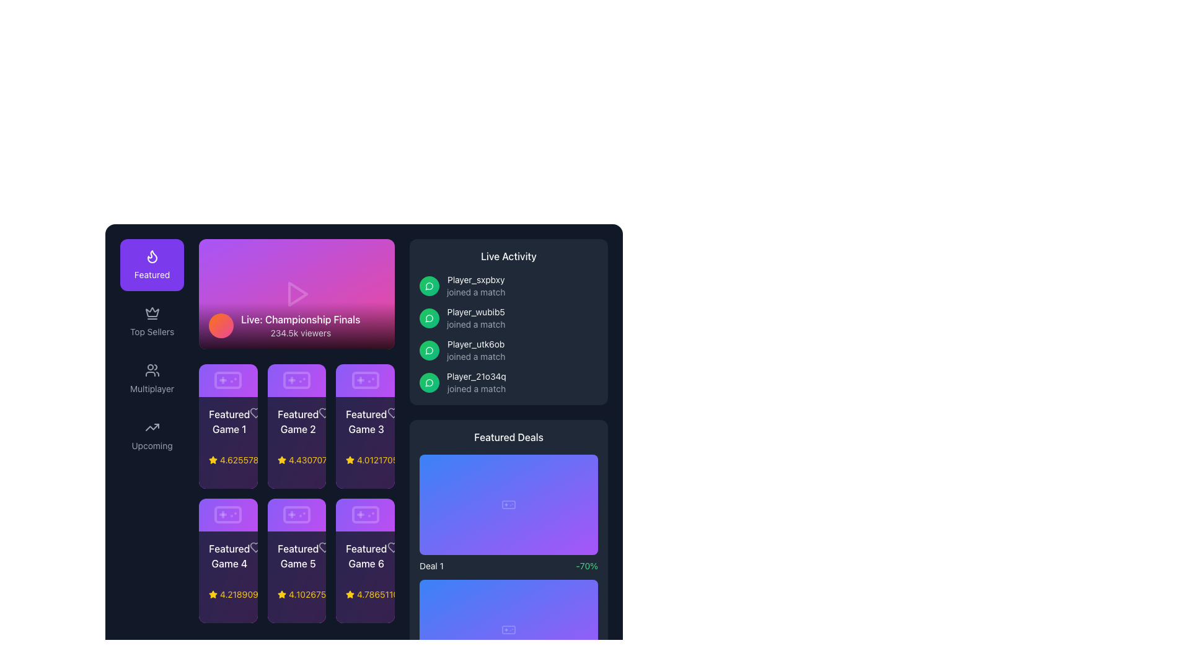 This screenshot has height=669, width=1190. Describe the element at coordinates (508, 382) in the screenshot. I see `the fourth list item displaying the log entry for 'Player_21o34q' joining a match` at that location.